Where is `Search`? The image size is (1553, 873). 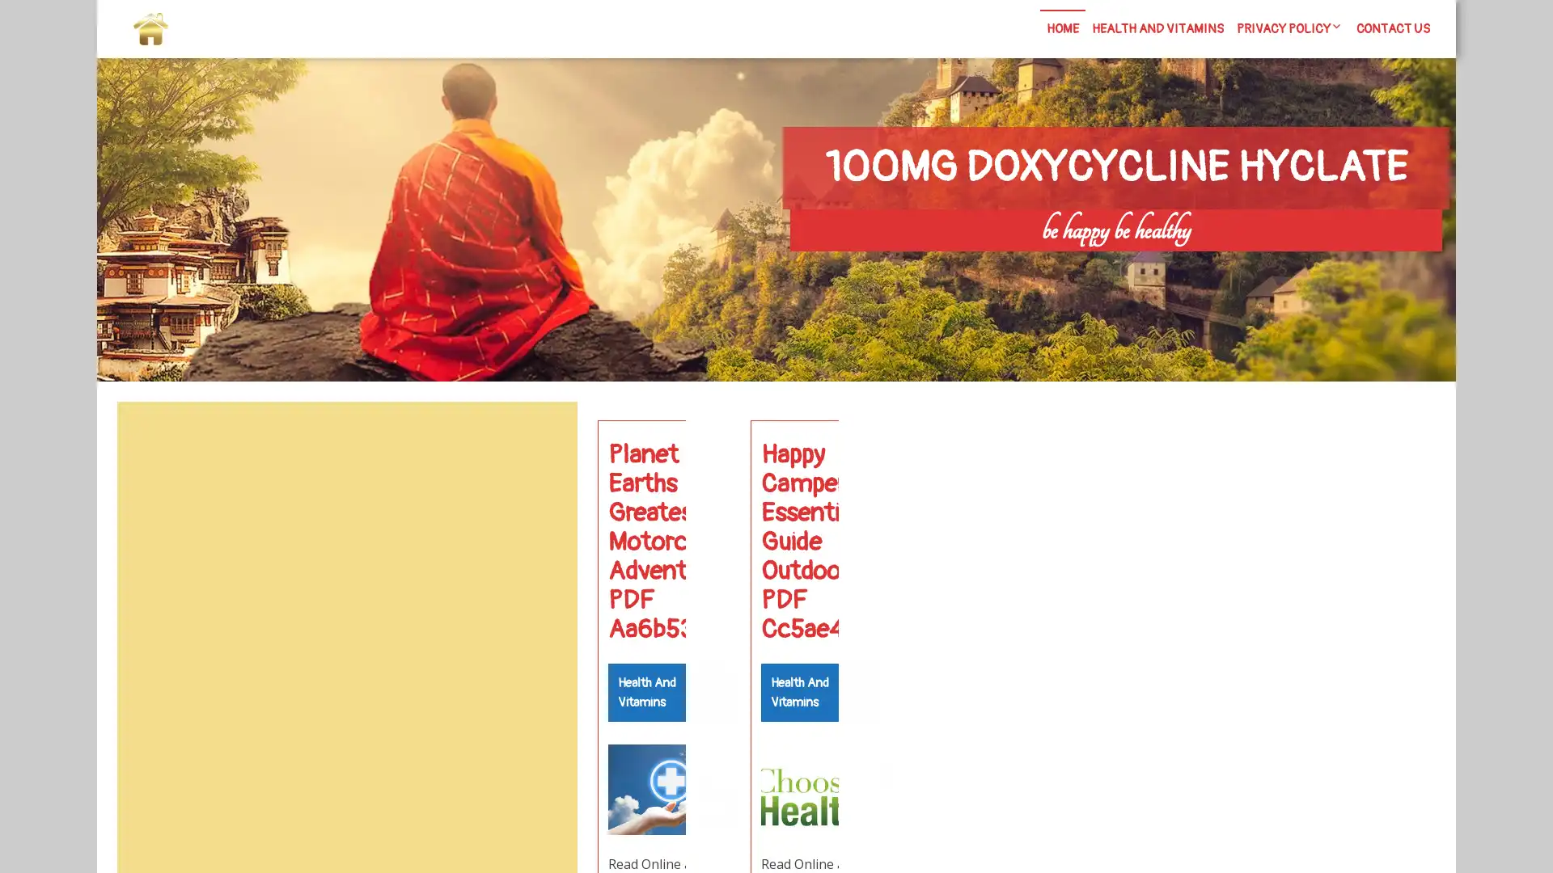 Search is located at coordinates (1259, 264).